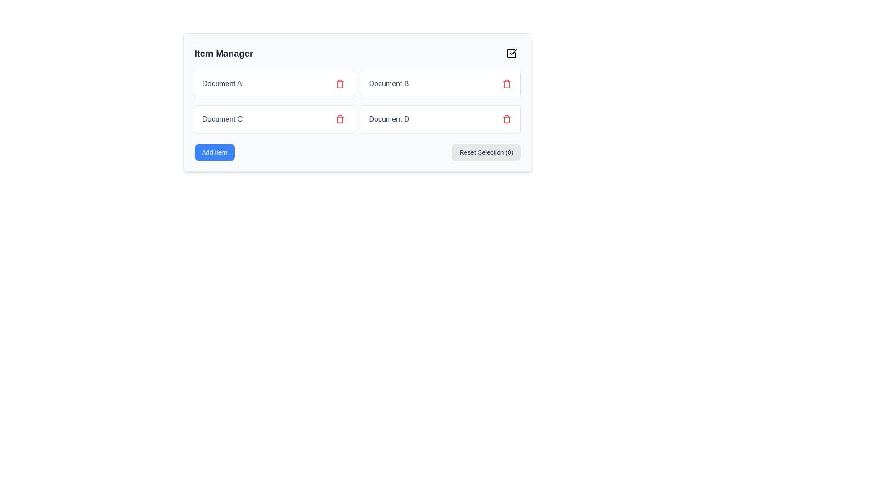 This screenshot has width=872, height=490. I want to click on the trash can icon associated with 'Document B', so click(506, 84).